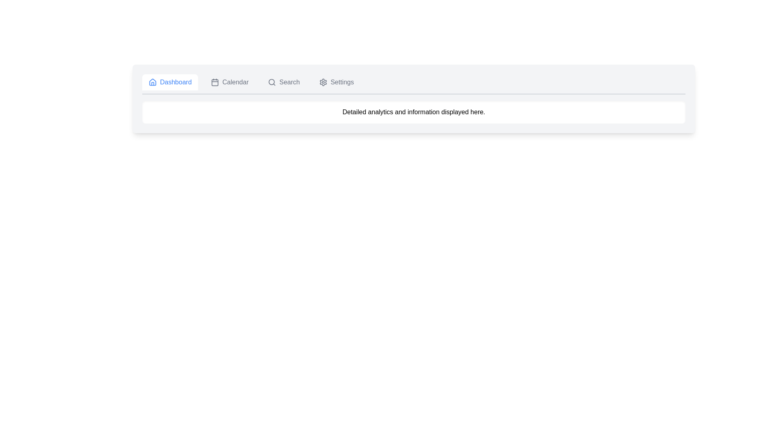  Describe the element at coordinates (170, 82) in the screenshot. I see `the navigational button located at the far-left of the horizontal navigation menu` at that location.